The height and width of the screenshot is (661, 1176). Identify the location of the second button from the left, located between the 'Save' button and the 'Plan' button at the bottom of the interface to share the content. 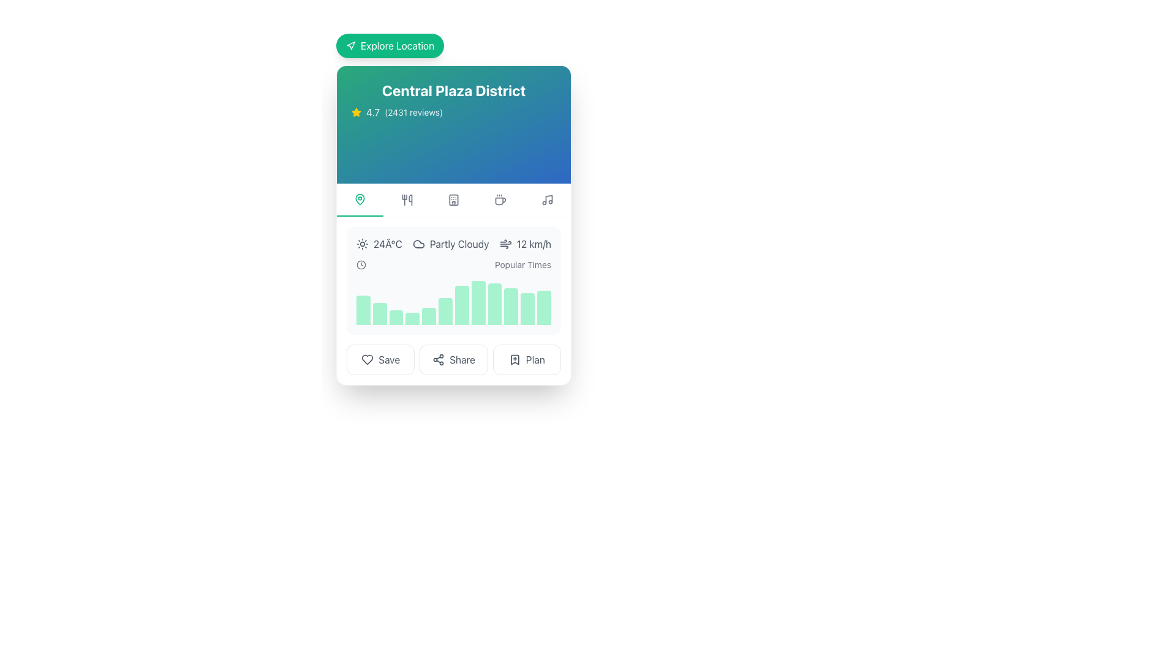
(453, 359).